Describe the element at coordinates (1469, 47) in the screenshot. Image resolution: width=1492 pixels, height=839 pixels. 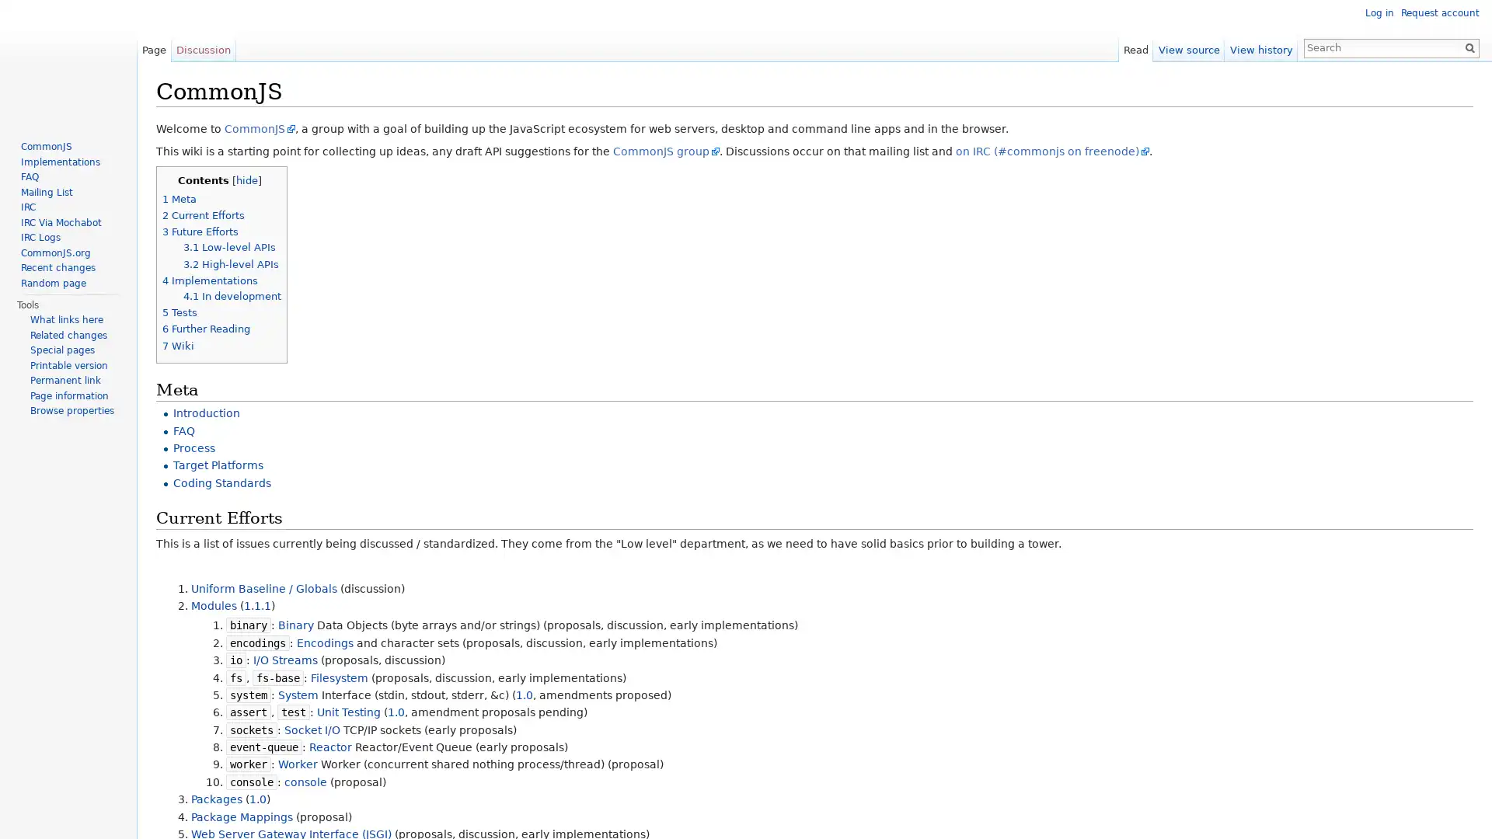
I see `Go` at that location.